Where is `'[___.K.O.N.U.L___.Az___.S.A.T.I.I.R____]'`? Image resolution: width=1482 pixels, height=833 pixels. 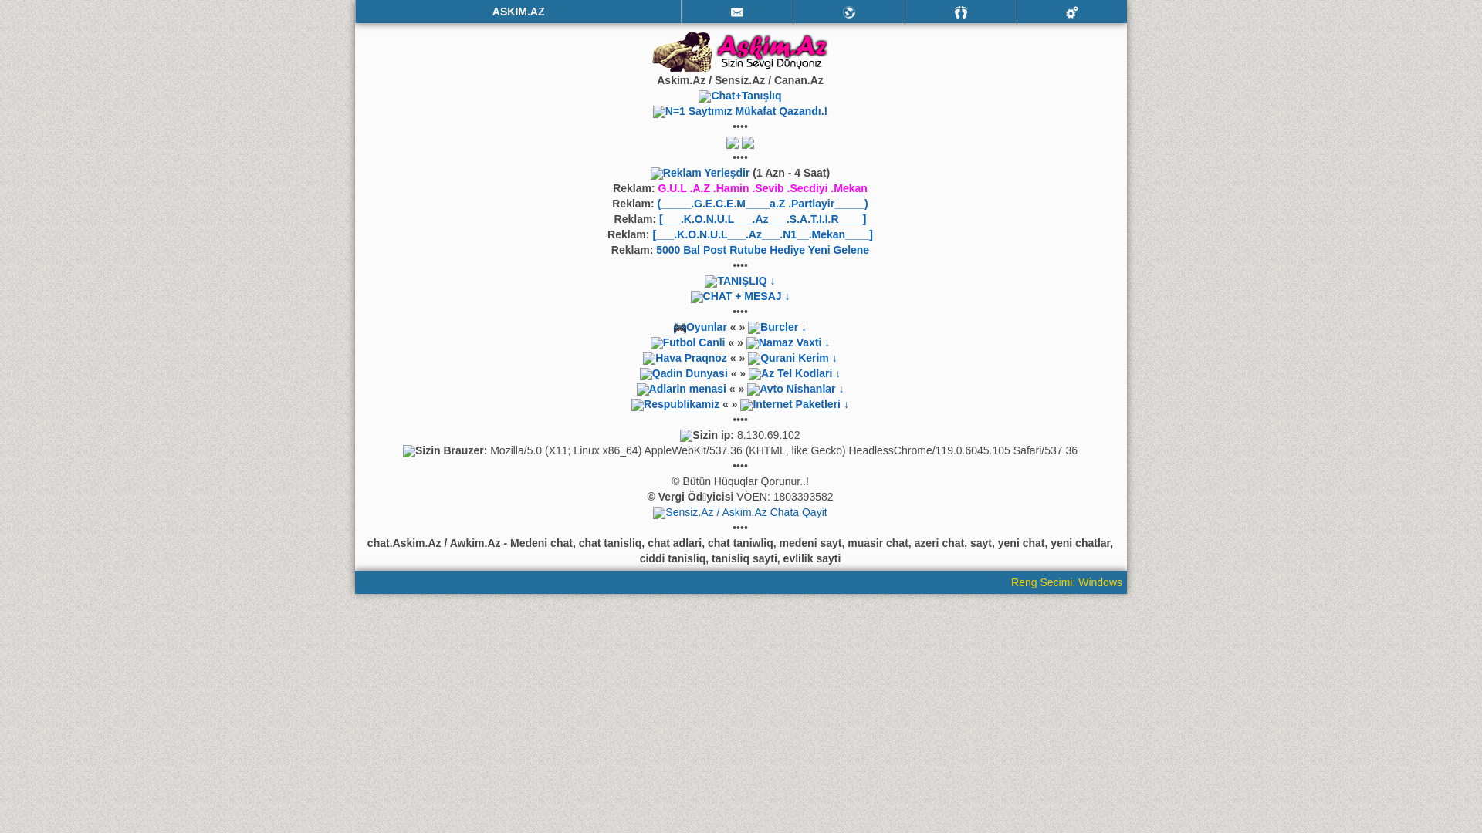 '[___.K.O.N.U.L___.Az___.S.A.T.I.I.R____]' is located at coordinates (763, 219).